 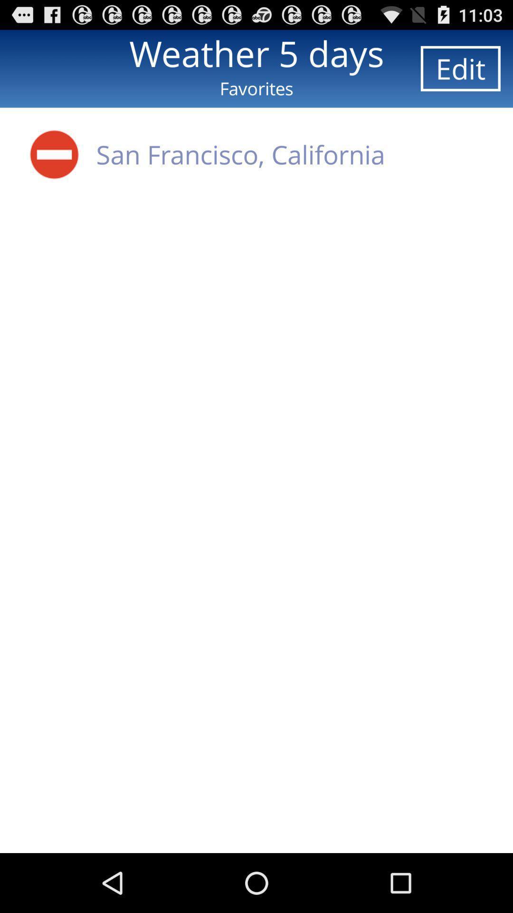 I want to click on the app at the top right corner, so click(x=460, y=68).